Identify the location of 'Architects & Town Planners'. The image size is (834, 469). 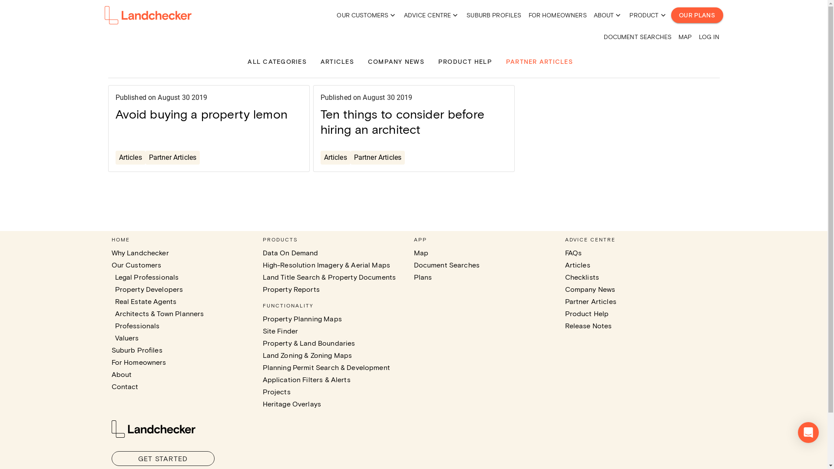
(159, 314).